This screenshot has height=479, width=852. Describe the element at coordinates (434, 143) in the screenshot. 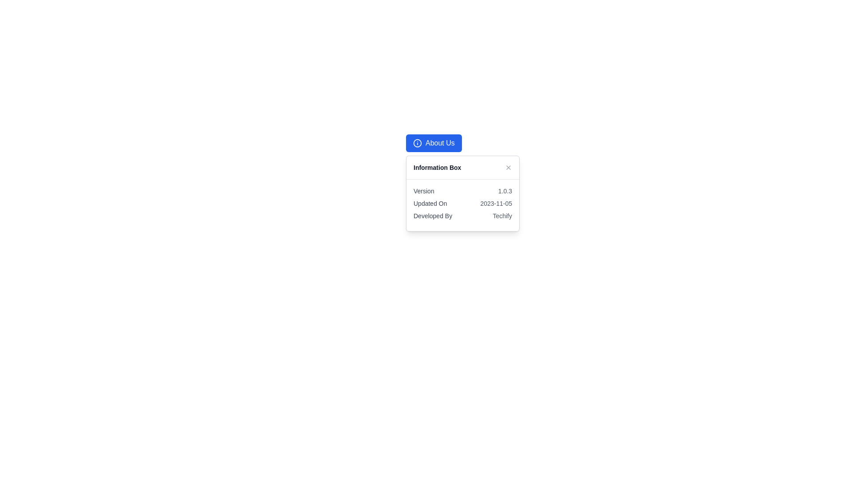

I see `the button that triggers the opening or toggling of the associated 'Information Box' located above the white information panel` at that location.